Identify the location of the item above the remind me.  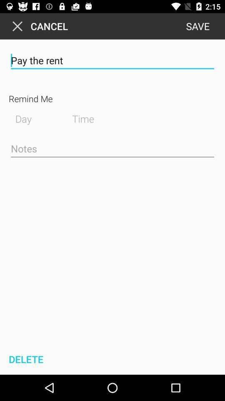
(112, 60).